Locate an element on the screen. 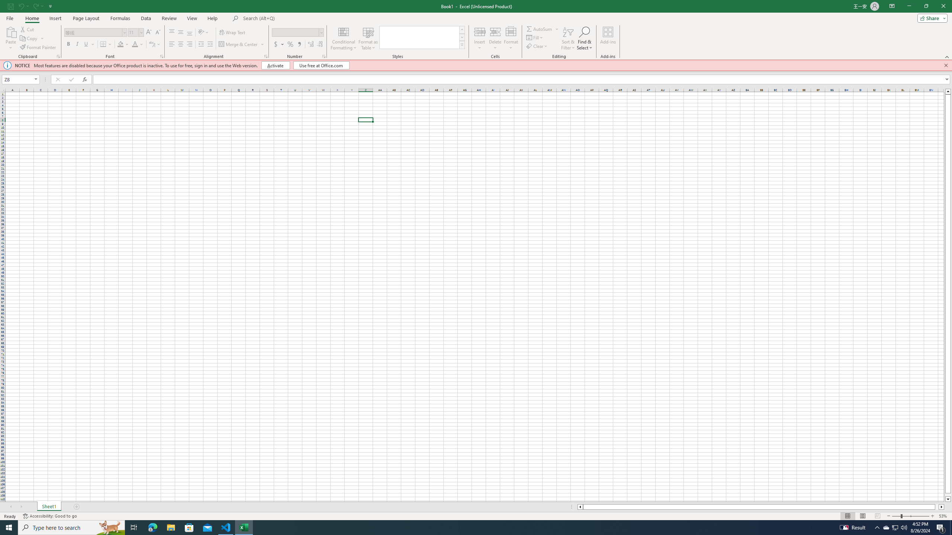  'Align Right' is located at coordinates (189, 44).